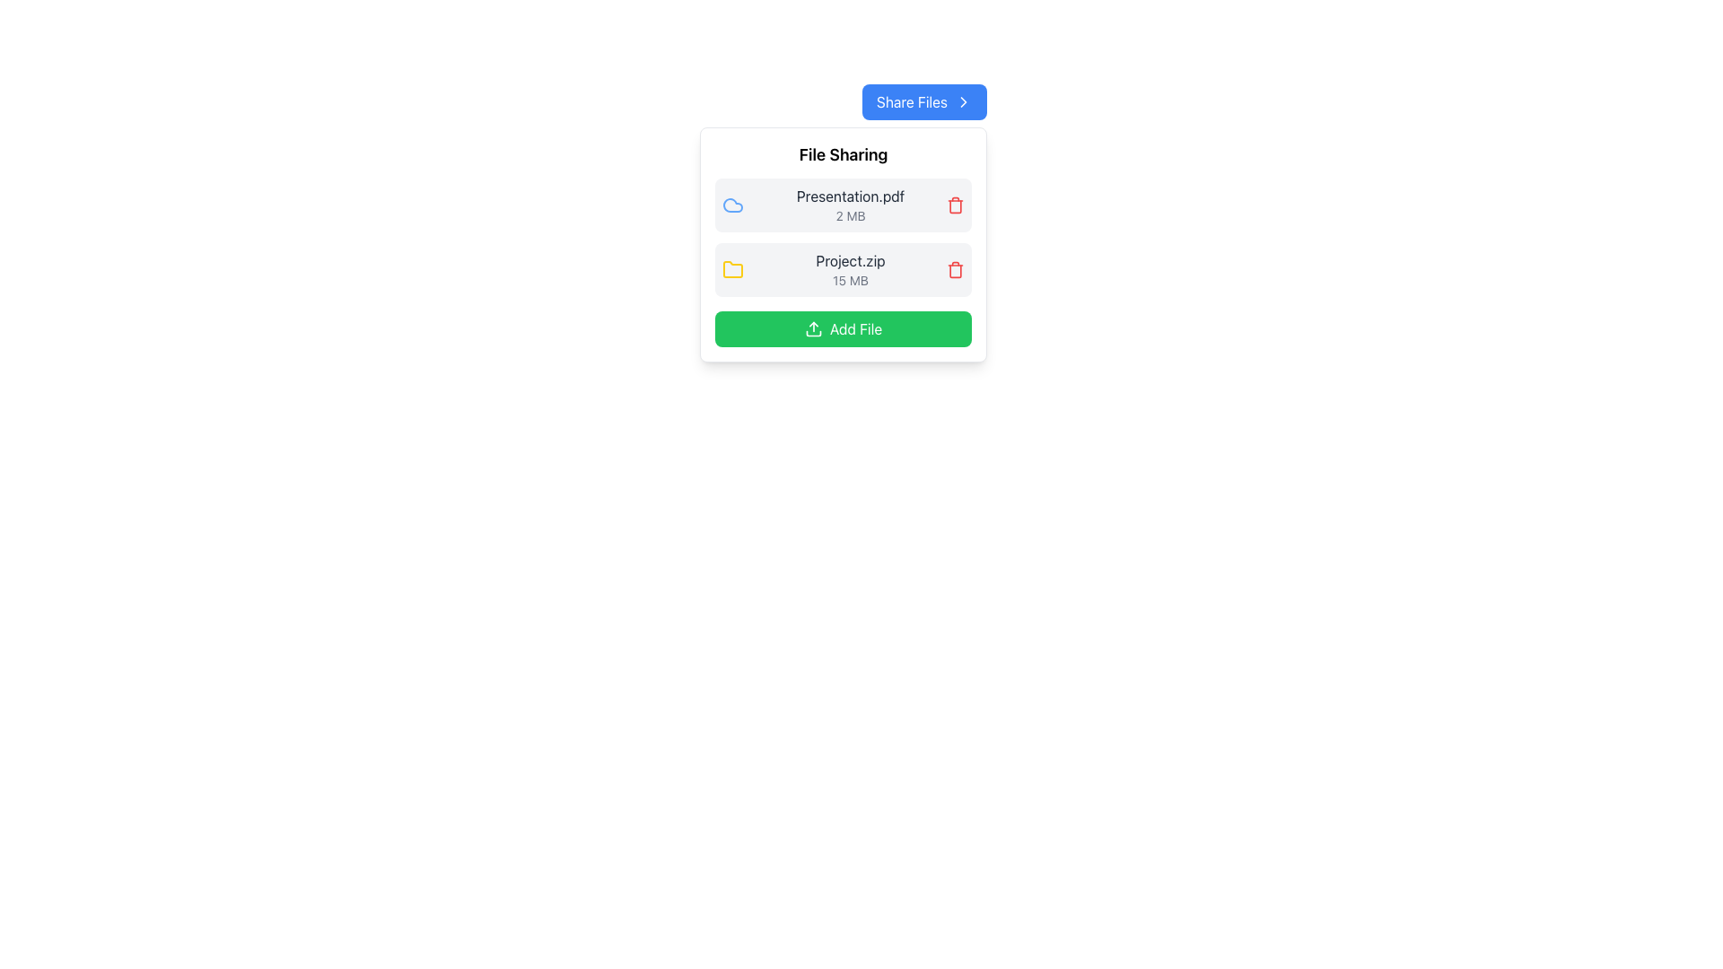 Image resolution: width=1723 pixels, height=969 pixels. Describe the element at coordinates (813, 333) in the screenshot. I see `the bottom portion of the upload icon, which is represented by a vector graphic segment within an SVG group` at that location.